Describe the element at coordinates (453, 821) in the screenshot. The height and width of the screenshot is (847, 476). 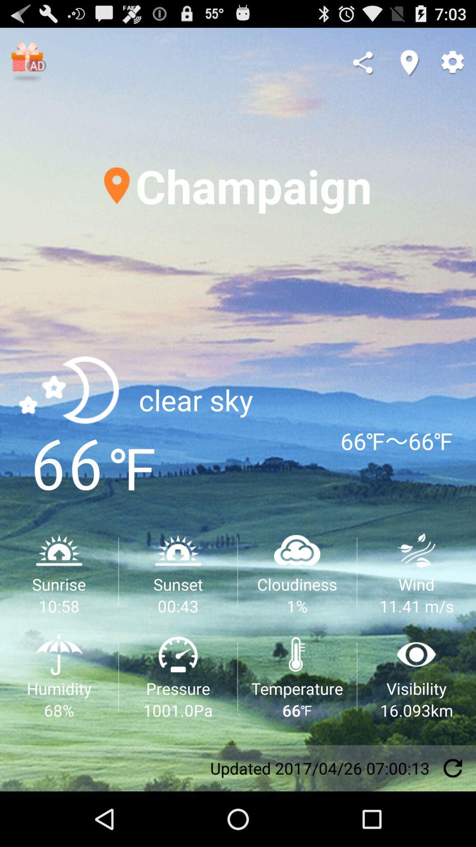
I see `the refresh icon` at that location.